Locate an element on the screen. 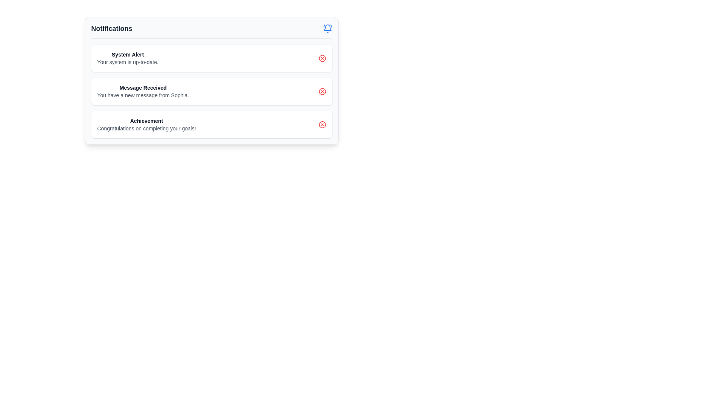 The image size is (725, 407). message content from the Text Label that displays 'Message Received' and 'You have a new message from Sophia.' is located at coordinates (143, 91).